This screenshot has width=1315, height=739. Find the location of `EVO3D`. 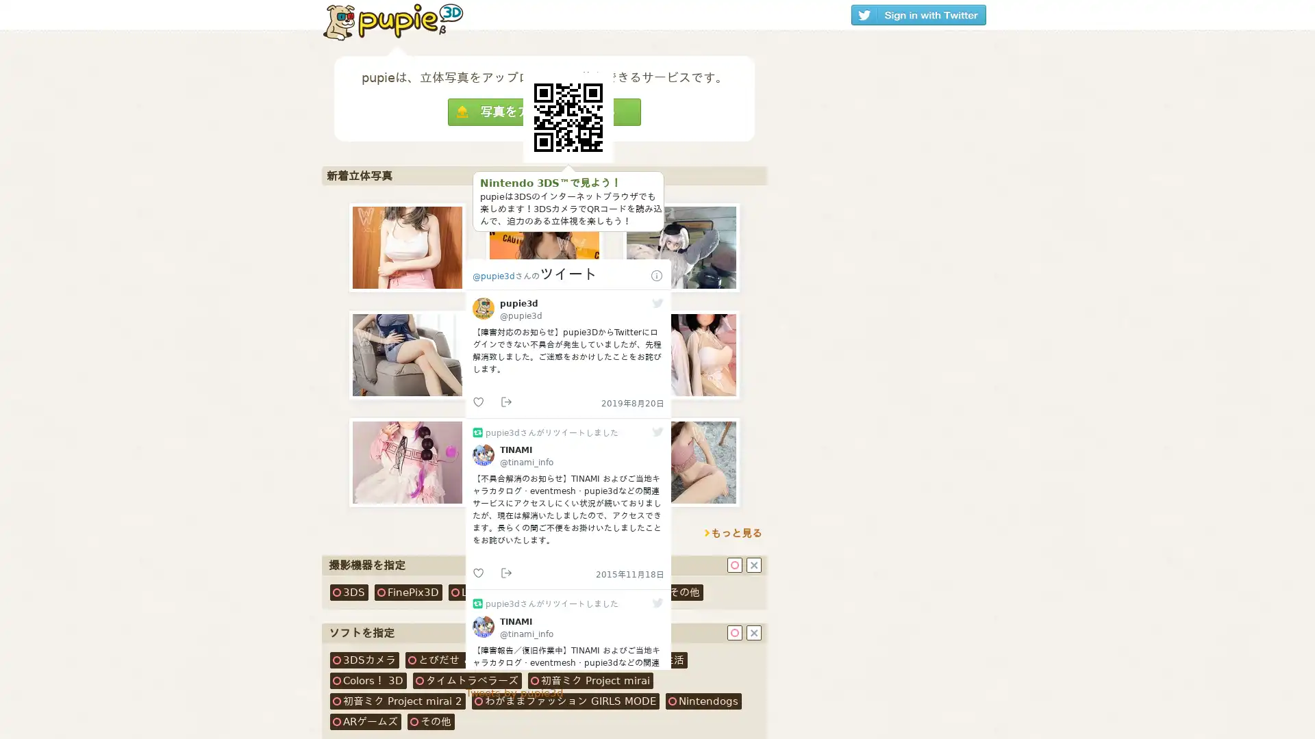

EVO3D is located at coordinates (623, 592).